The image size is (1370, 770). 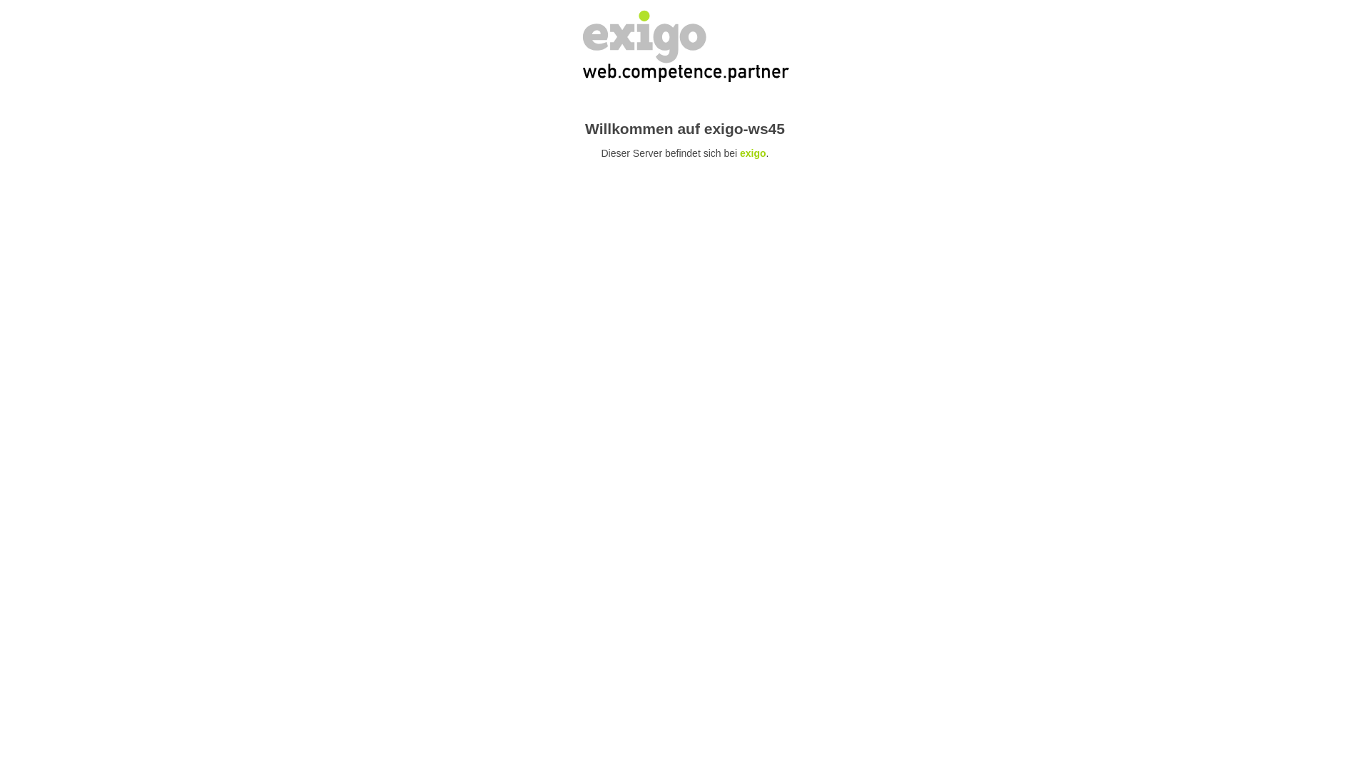 I want to click on 'exigo', so click(x=752, y=153).